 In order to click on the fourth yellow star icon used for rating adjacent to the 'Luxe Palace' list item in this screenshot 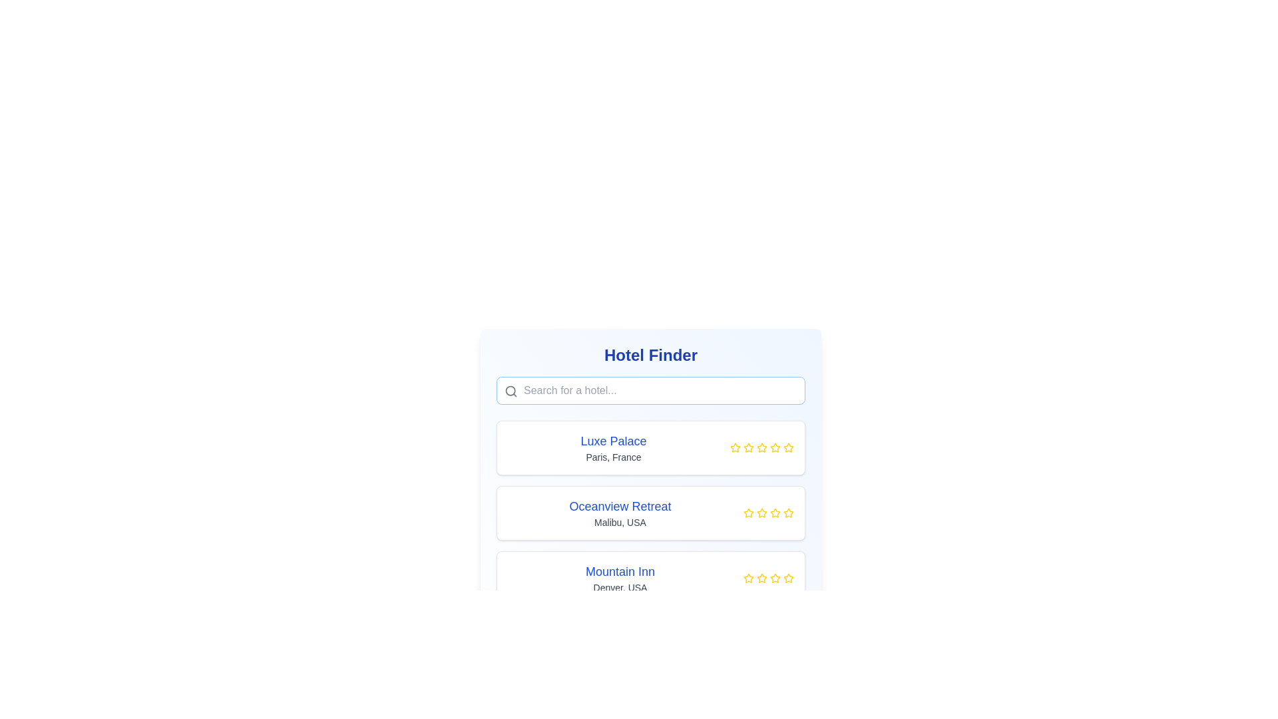, I will do `click(762, 447)`.